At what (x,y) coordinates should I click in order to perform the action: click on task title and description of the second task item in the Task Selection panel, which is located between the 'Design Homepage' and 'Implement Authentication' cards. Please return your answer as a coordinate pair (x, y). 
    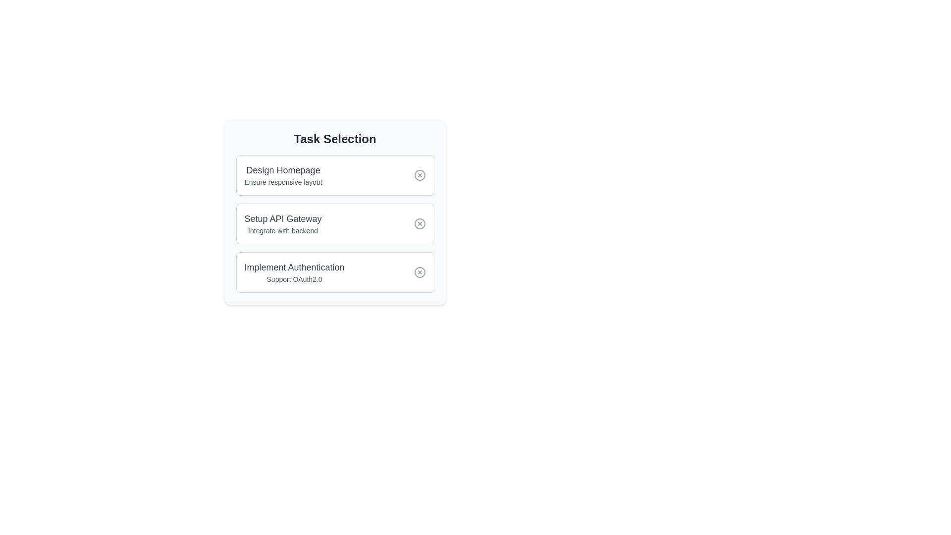
    Looking at the image, I should click on (335, 223).